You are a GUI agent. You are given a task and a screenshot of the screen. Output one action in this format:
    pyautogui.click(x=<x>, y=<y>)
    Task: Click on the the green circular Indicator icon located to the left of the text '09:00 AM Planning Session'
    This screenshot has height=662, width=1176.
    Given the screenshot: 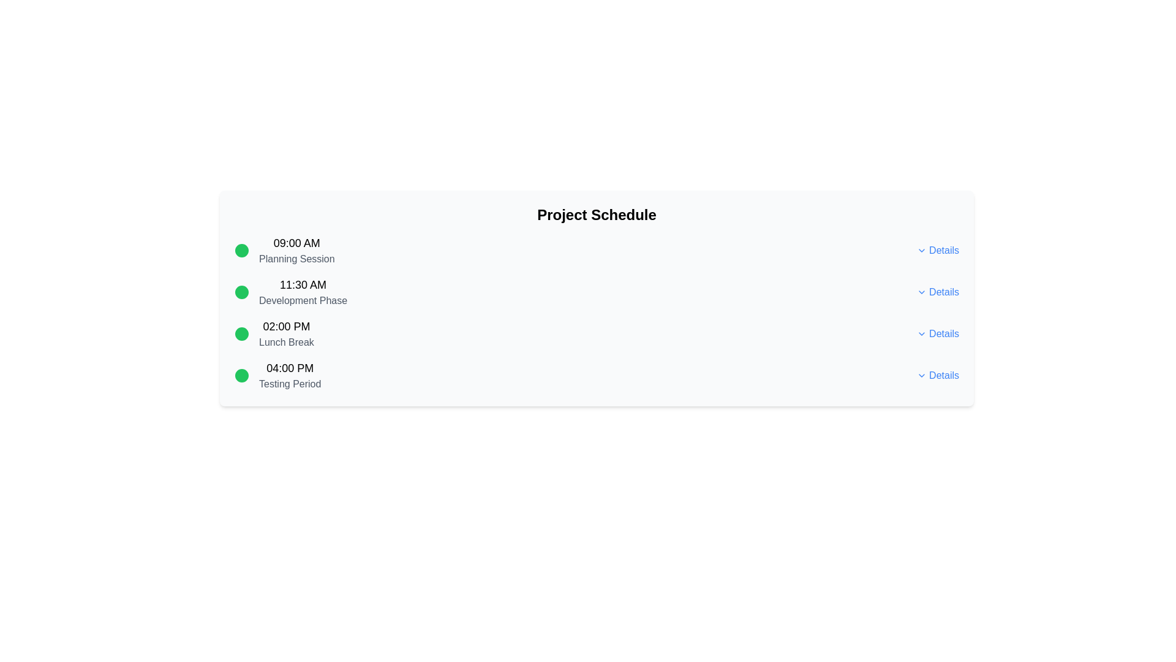 What is the action you would take?
    pyautogui.click(x=241, y=249)
    